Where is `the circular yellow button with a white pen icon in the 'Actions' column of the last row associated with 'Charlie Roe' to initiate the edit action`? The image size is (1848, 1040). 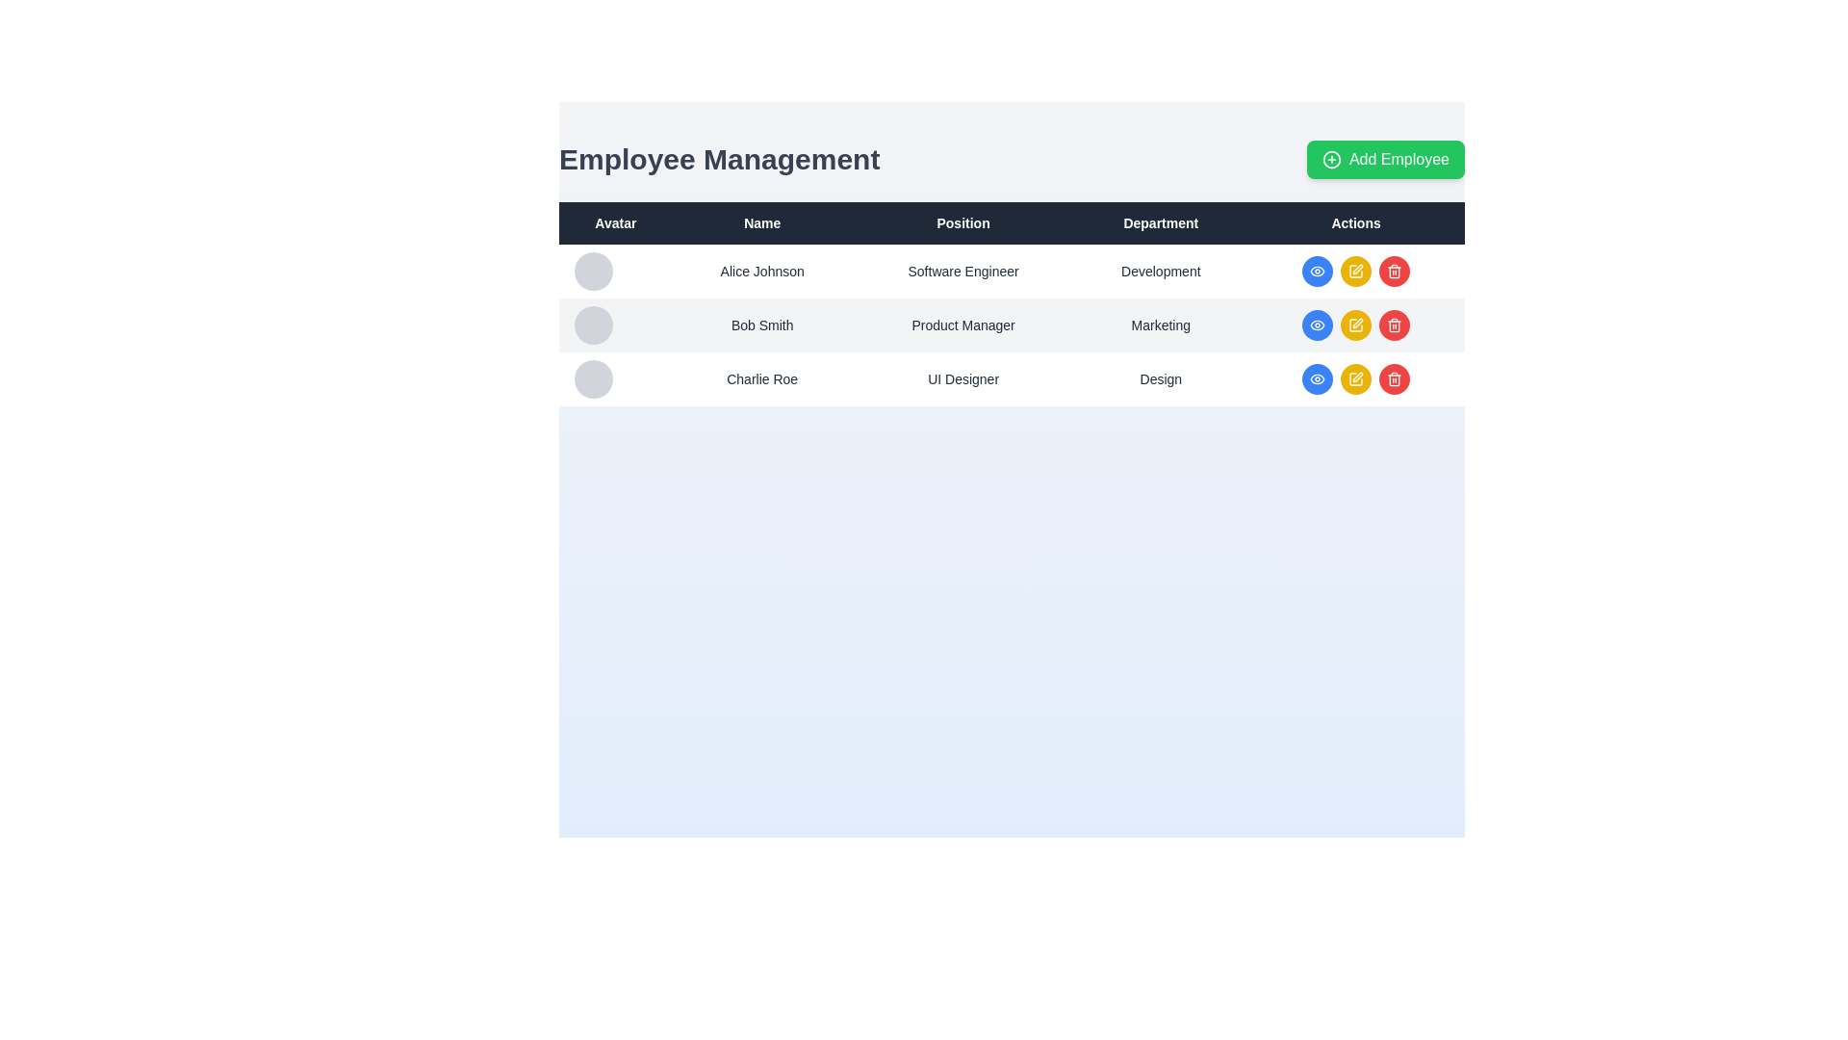 the circular yellow button with a white pen icon in the 'Actions' column of the last row associated with 'Charlie Roe' to initiate the edit action is located at coordinates (1355, 378).